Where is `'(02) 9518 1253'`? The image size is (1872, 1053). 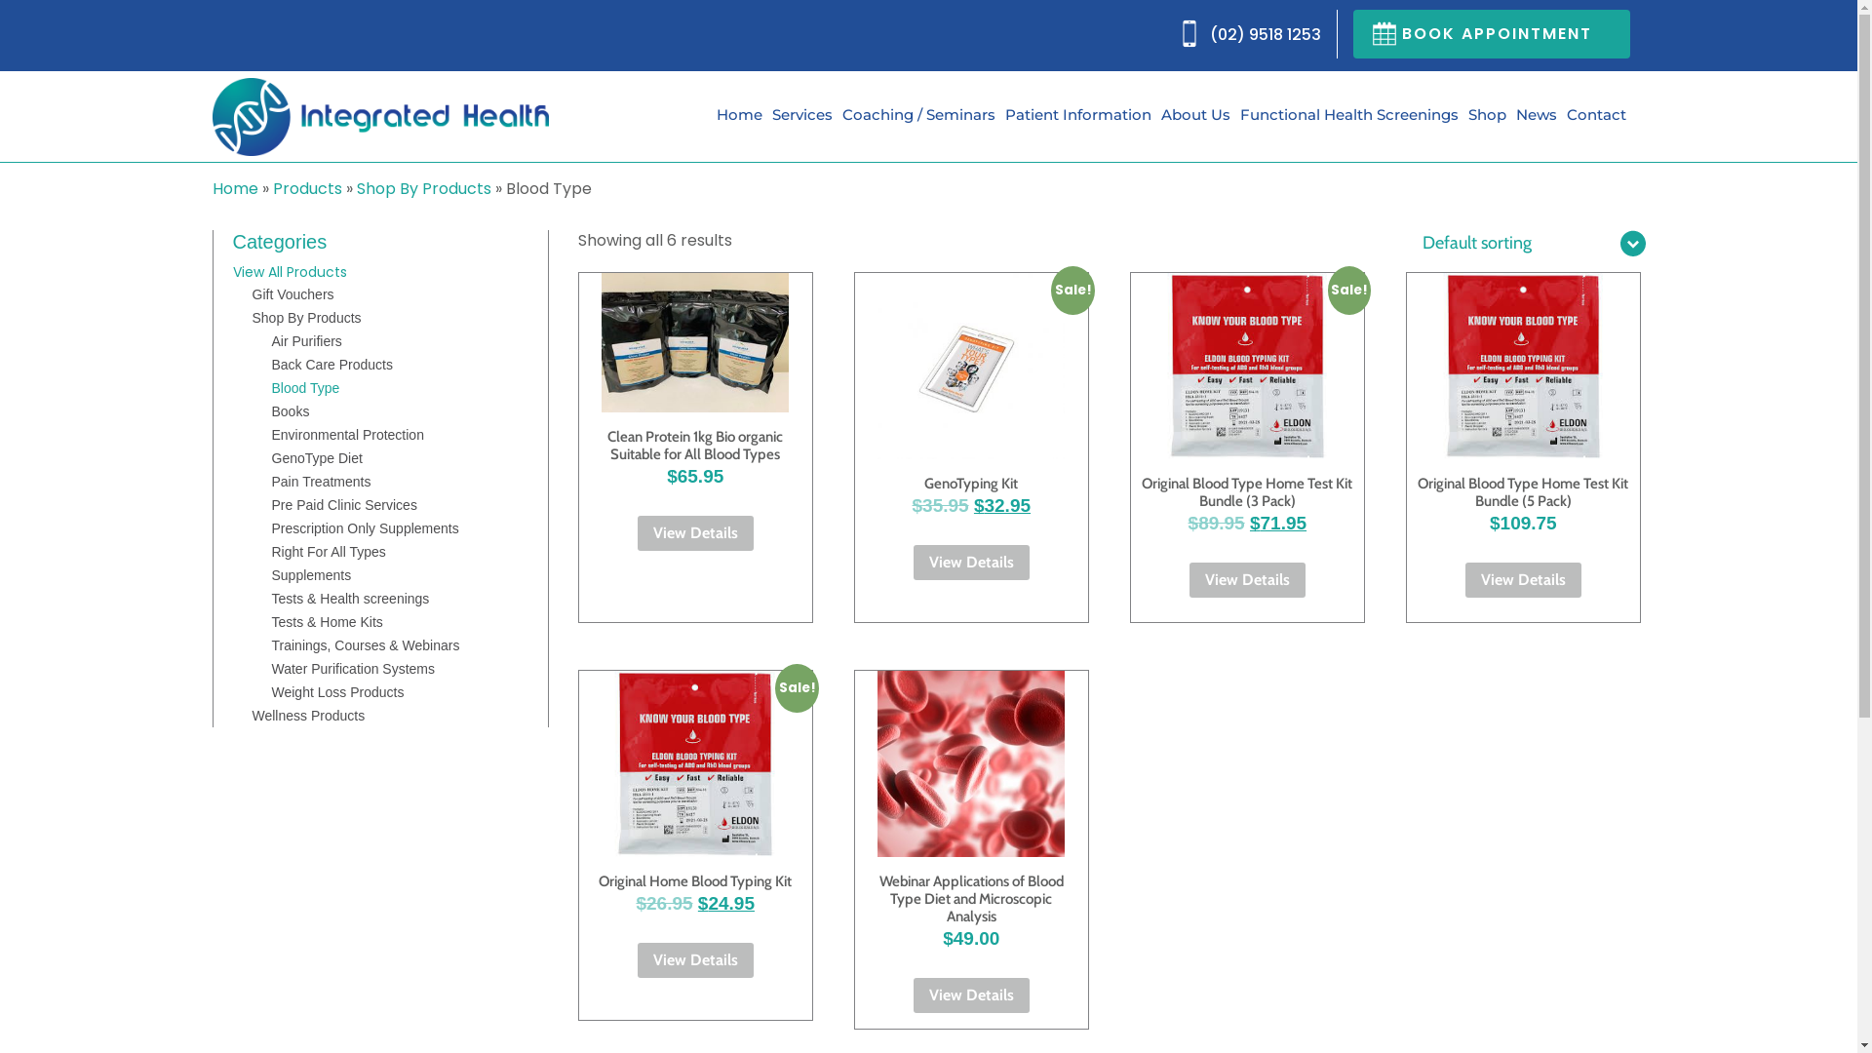
'(02) 9518 1253' is located at coordinates (1264, 34).